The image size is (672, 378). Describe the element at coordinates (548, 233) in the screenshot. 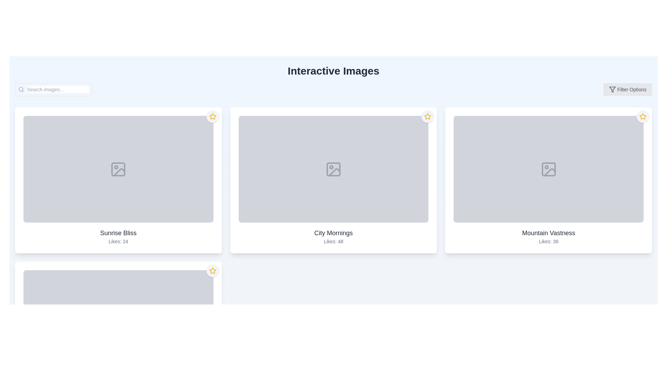

I see `the text label displaying the title 'Mountain Vastness', which is styled with a larger font size and is positioned below a visual placeholder` at that location.